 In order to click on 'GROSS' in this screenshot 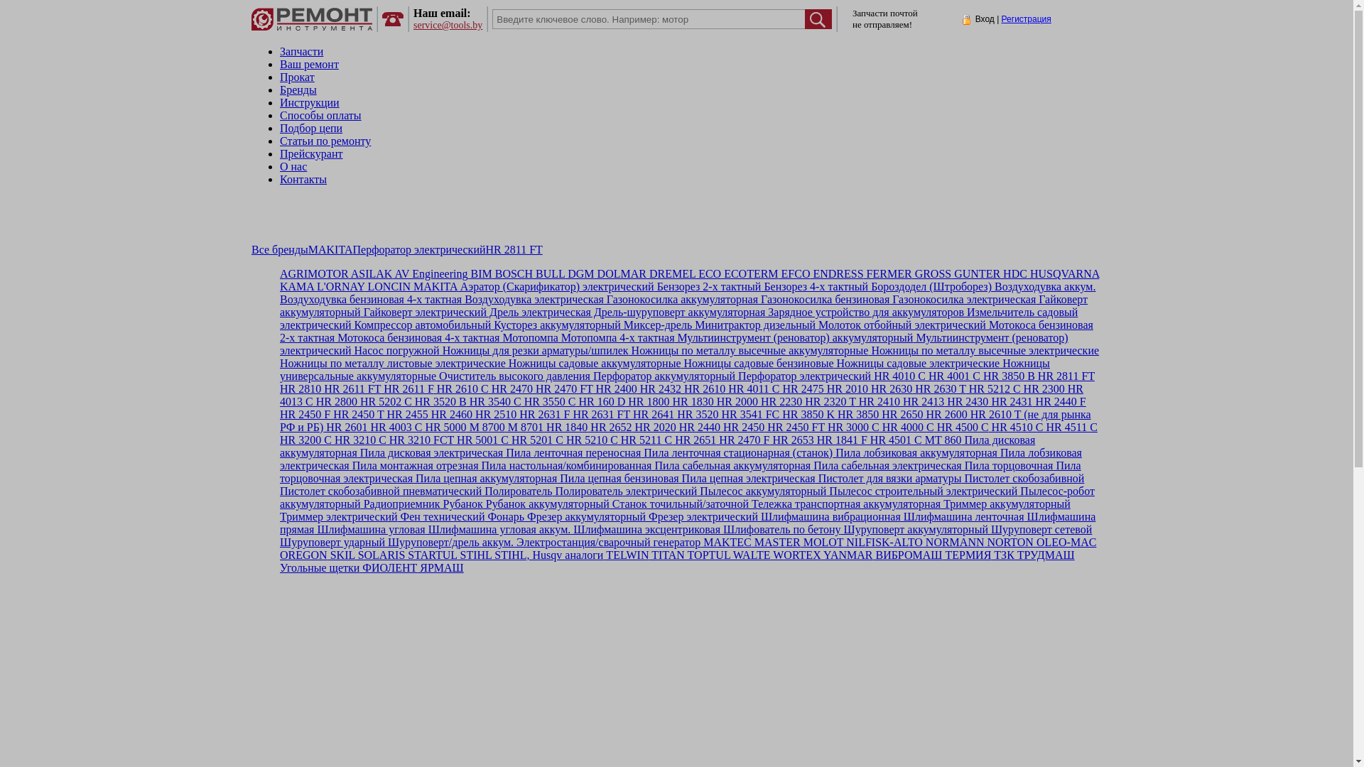, I will do `click(931, 273)`.